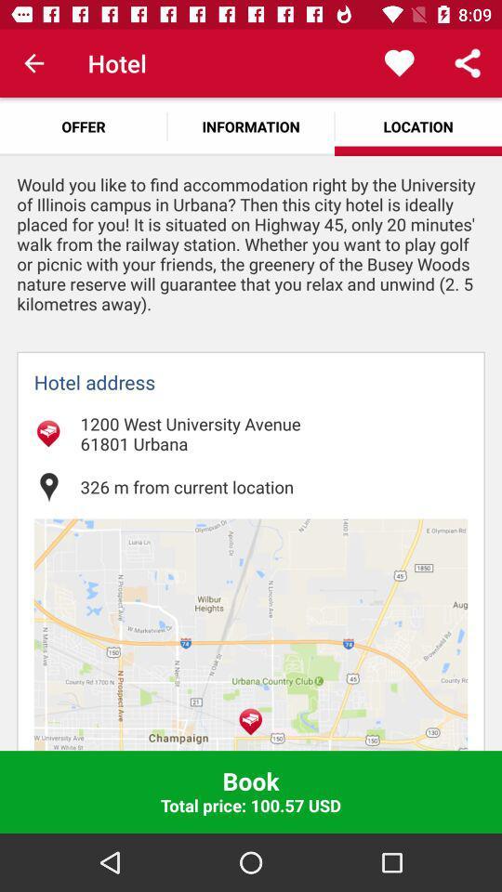 This screenshot has width=502, height=892. I want to click on the app next to location item, so click(251, 125).